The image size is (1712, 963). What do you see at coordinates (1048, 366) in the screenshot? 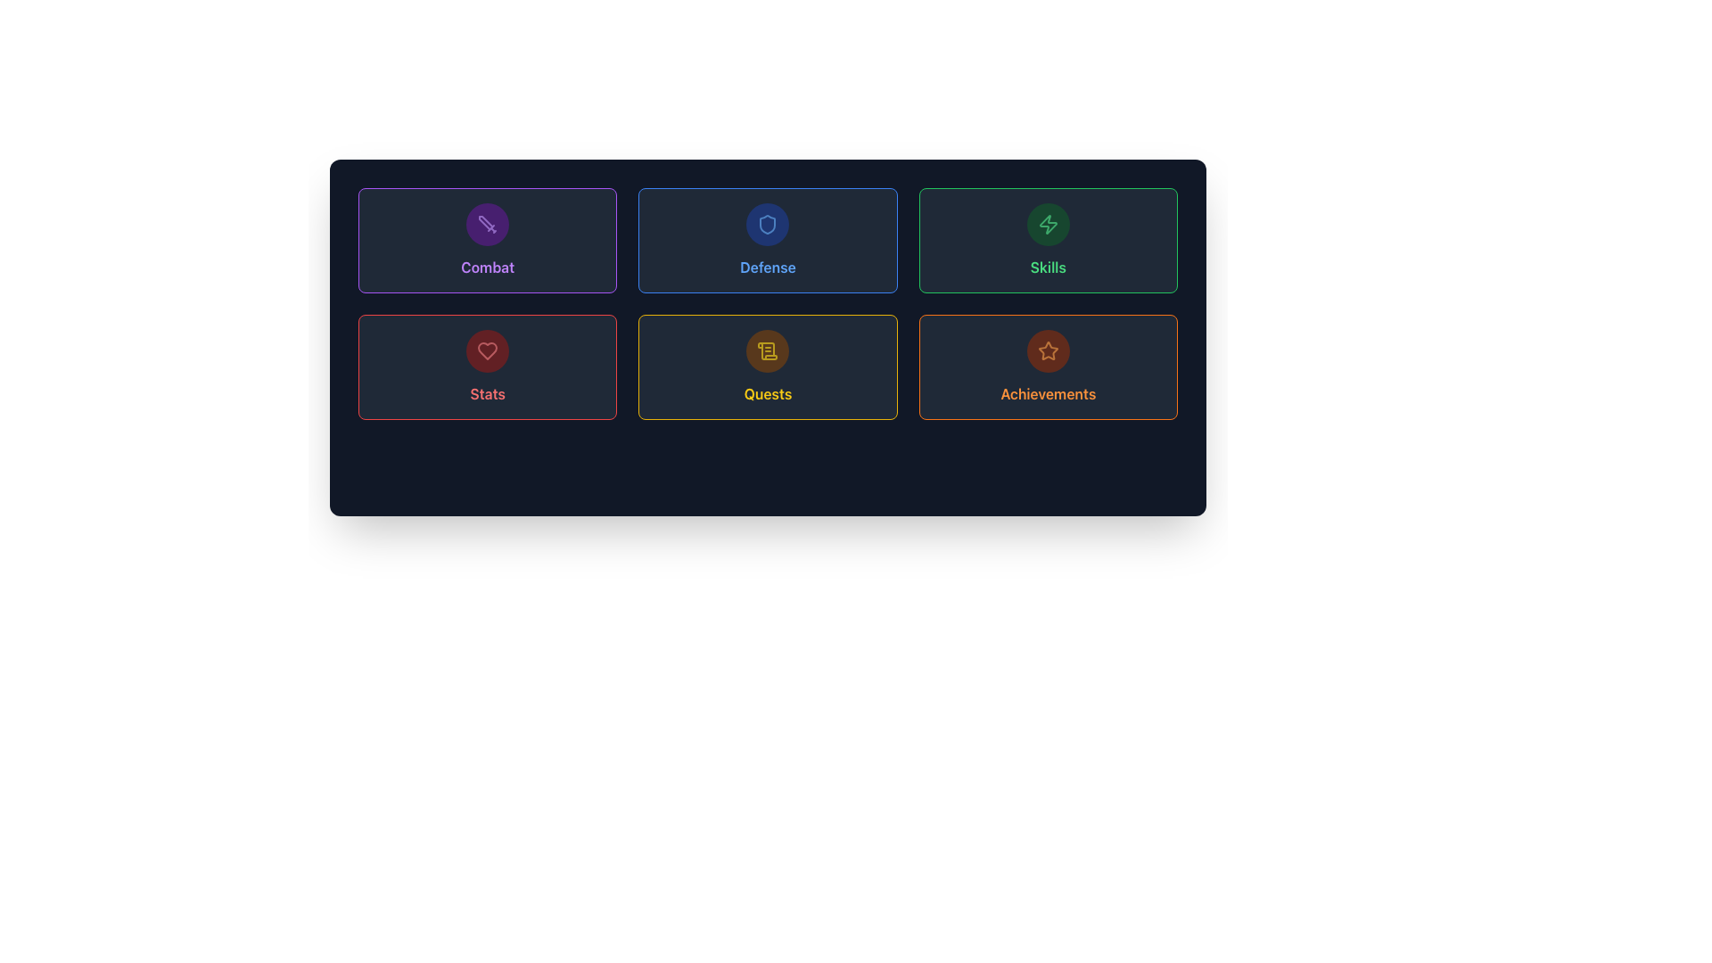
I see `the 'Achievements' button, which features a circular orange icon with a star symbol and is located in the bottom-right corner of a three-by-two grid layout, below the 'Skills' element and to the right of the 'Quests' element` at bounding box center [1048, 366].